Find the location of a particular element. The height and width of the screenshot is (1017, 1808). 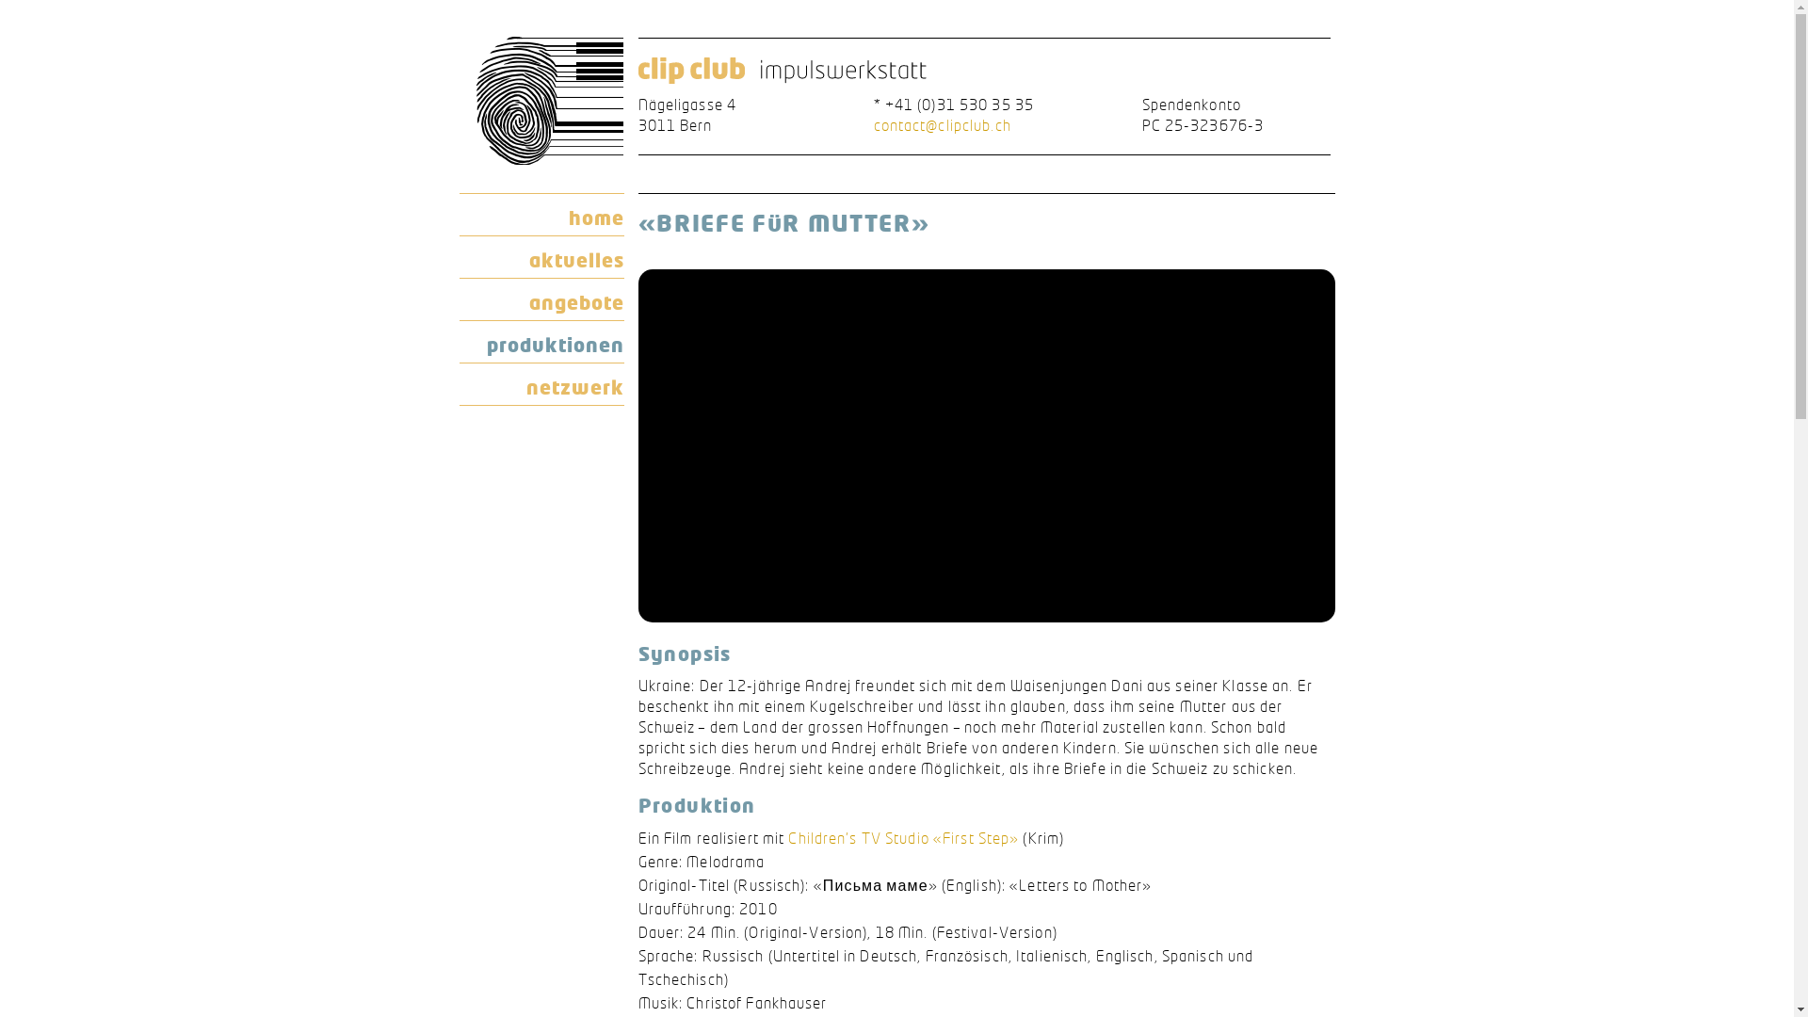

'produktionen' is located at coordinates (541, 341).